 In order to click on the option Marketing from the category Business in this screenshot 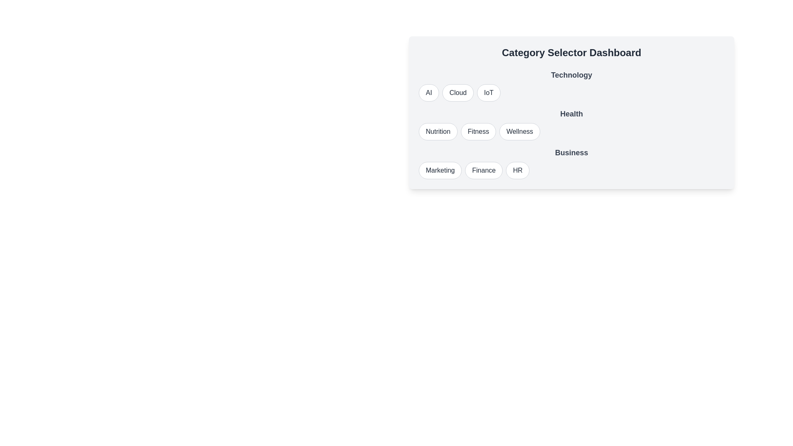, I will do `click(440, 170)`.